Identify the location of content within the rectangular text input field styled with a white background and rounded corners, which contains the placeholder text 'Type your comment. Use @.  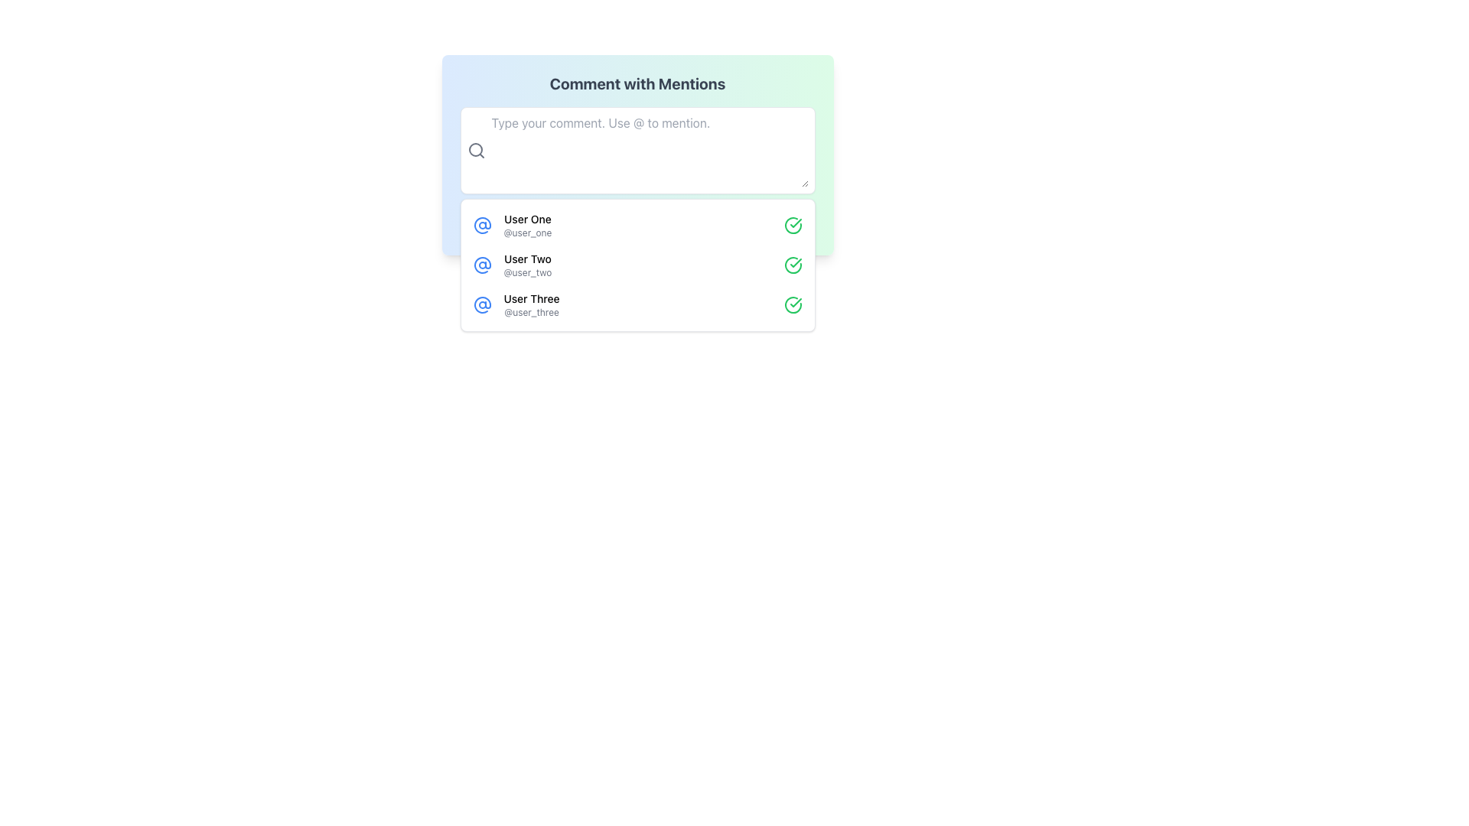
(650, 150).